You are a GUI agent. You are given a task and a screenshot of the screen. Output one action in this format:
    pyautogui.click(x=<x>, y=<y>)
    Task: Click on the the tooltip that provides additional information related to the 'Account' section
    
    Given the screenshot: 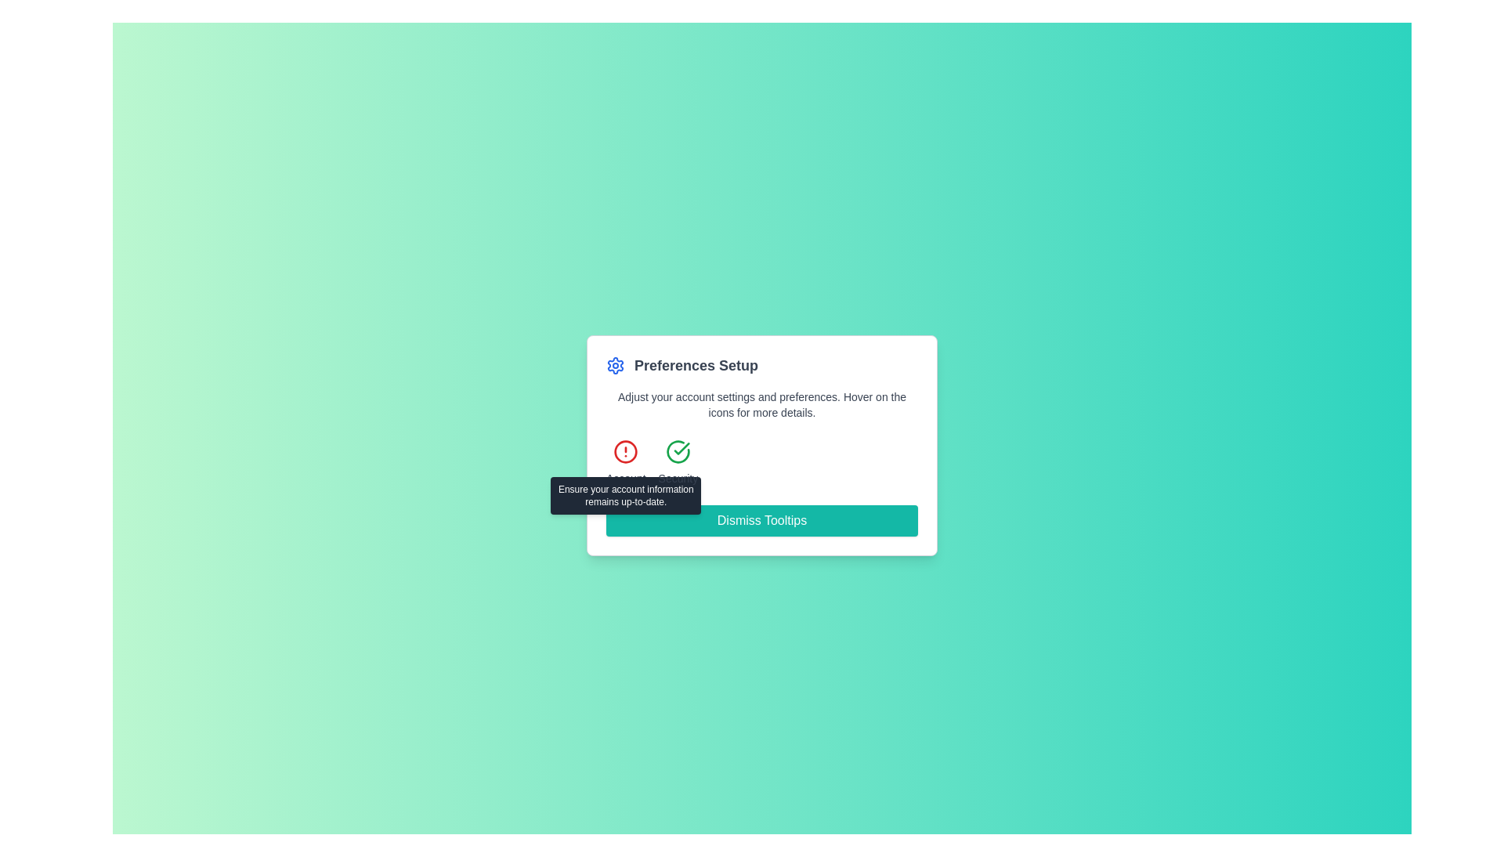 What is the action you would take?
    pyautogui.click(x=625, y=495)
    